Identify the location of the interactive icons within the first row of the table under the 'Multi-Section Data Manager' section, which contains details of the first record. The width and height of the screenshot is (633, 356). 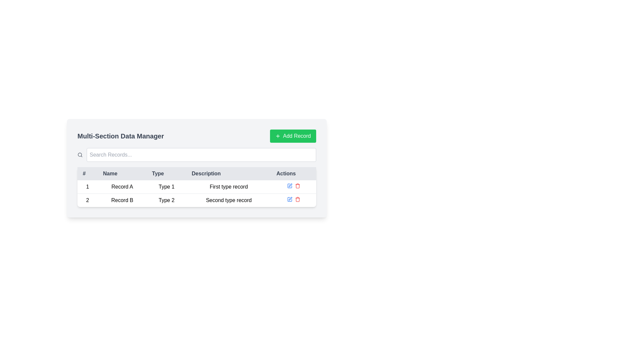
(196, 193).